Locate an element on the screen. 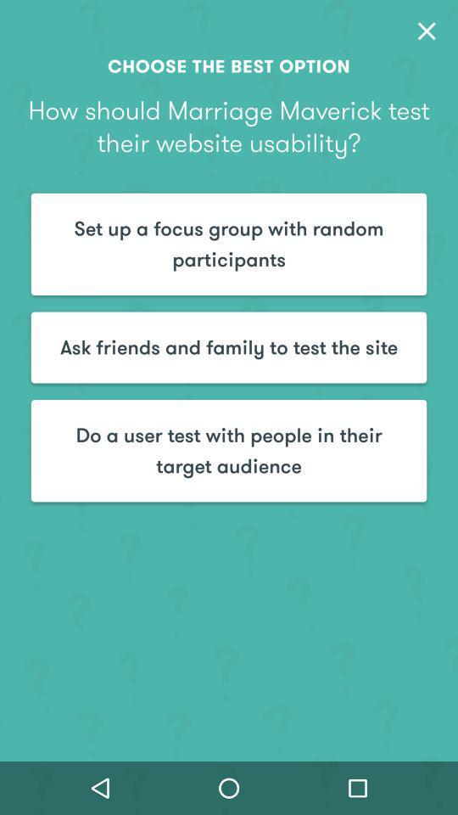  item at the top right corner is located at coordinates (426, 30).